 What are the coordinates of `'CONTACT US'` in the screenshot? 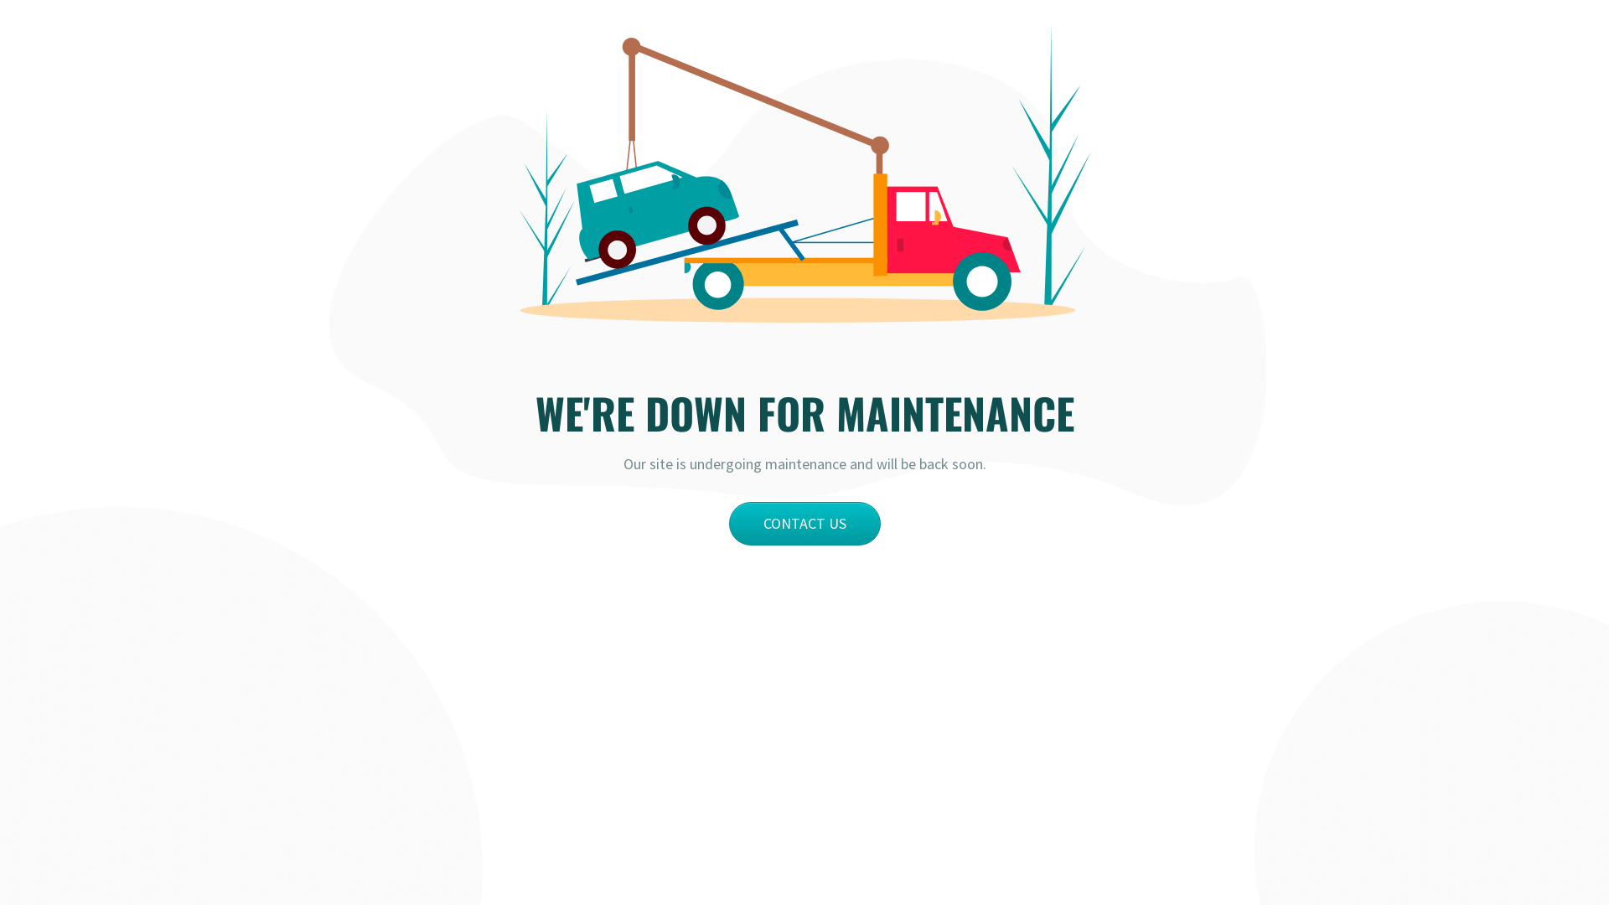 It's located at (804, 522).